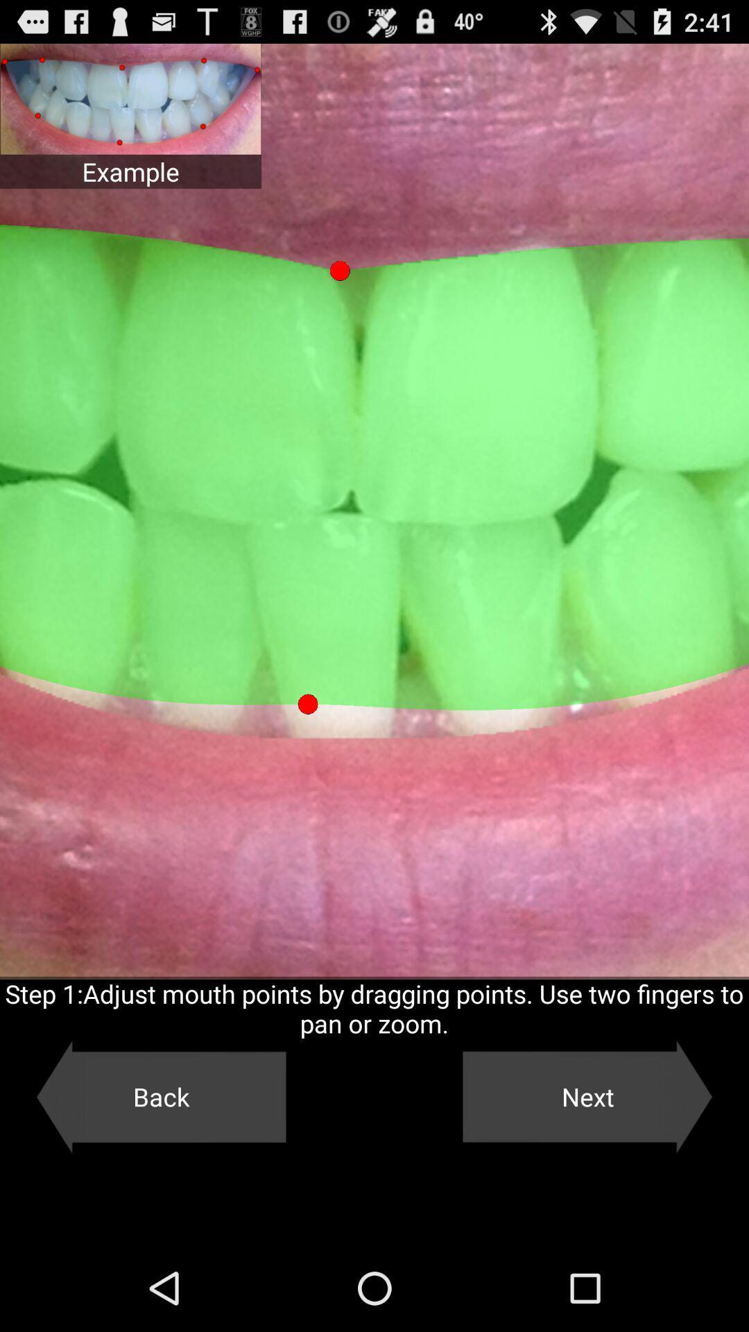 The height and width of the screenshot is (1332, 749). What do you see at coordinates (160, 1096) in the screenshot?
I see `the back at the bottom left corner` at bounding box center [160, 1096].